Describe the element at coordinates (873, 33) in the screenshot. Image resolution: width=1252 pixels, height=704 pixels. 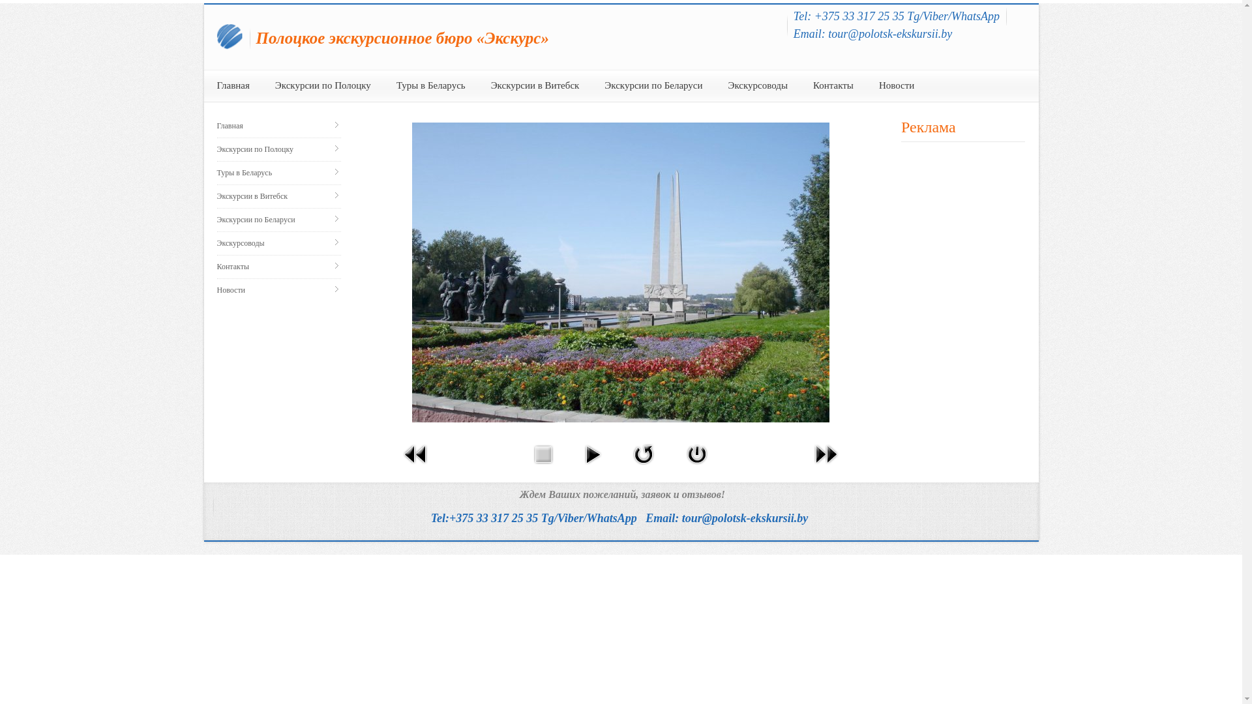
I see `'Email: tour@polotsk-ekskursii.by'` at that location.